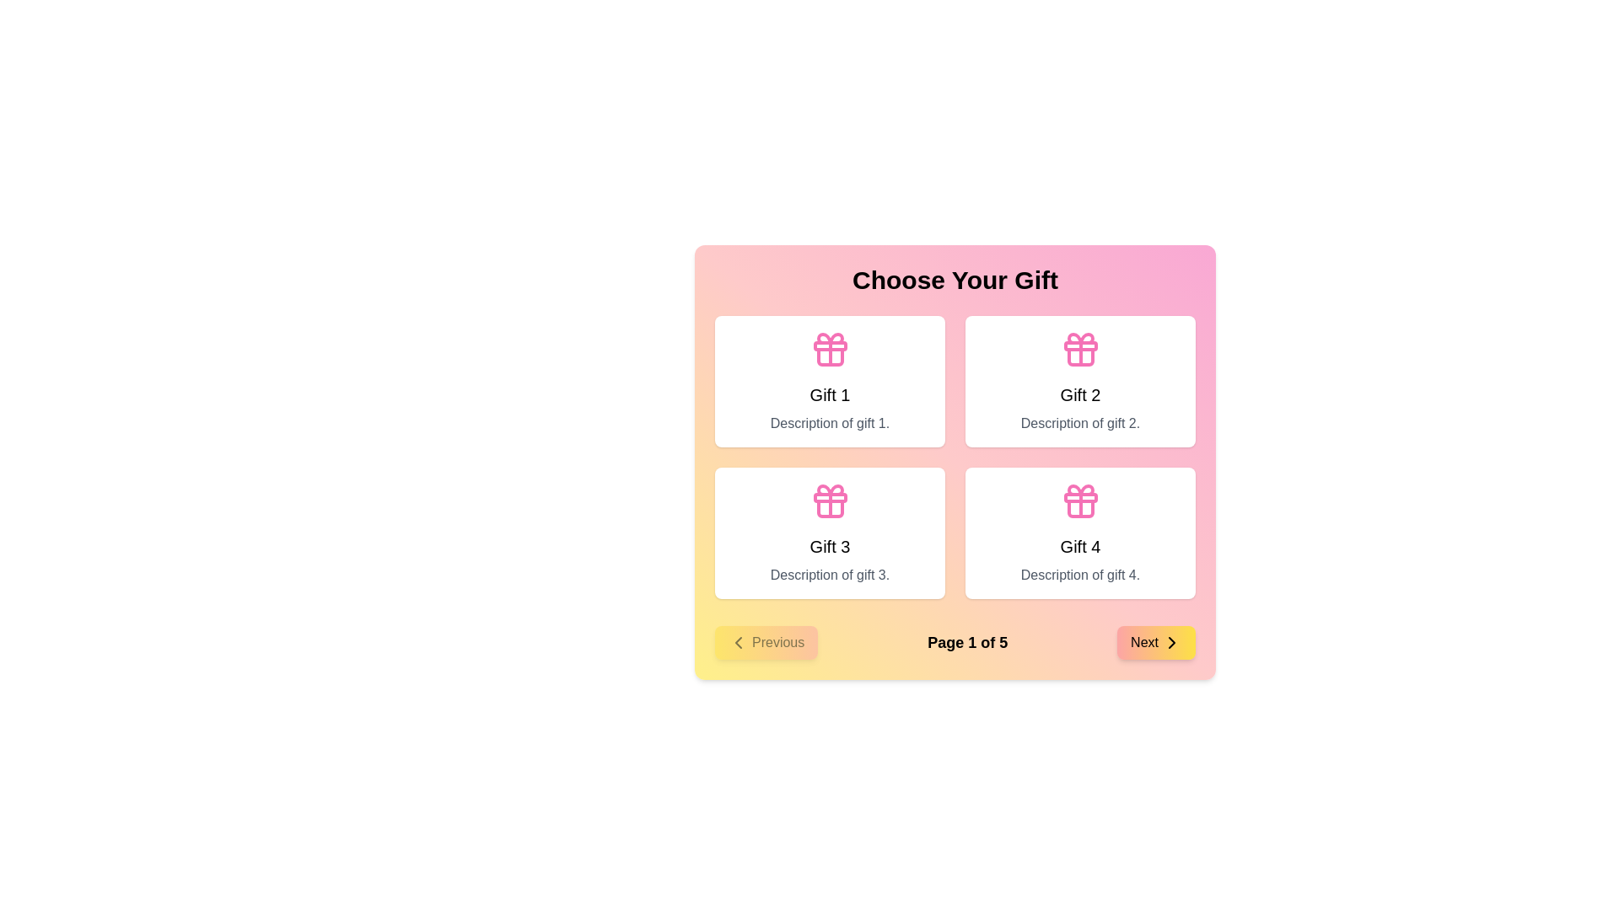 Image resolution: width=1619 pixels, height=910 pixels. Describe the element at coordinates (830, 338) in the screenshot. I see `the top portion of the gift box graphic with a bow, identified by pink-colored lines, located within the 'Gift 1' grid item` at that location.